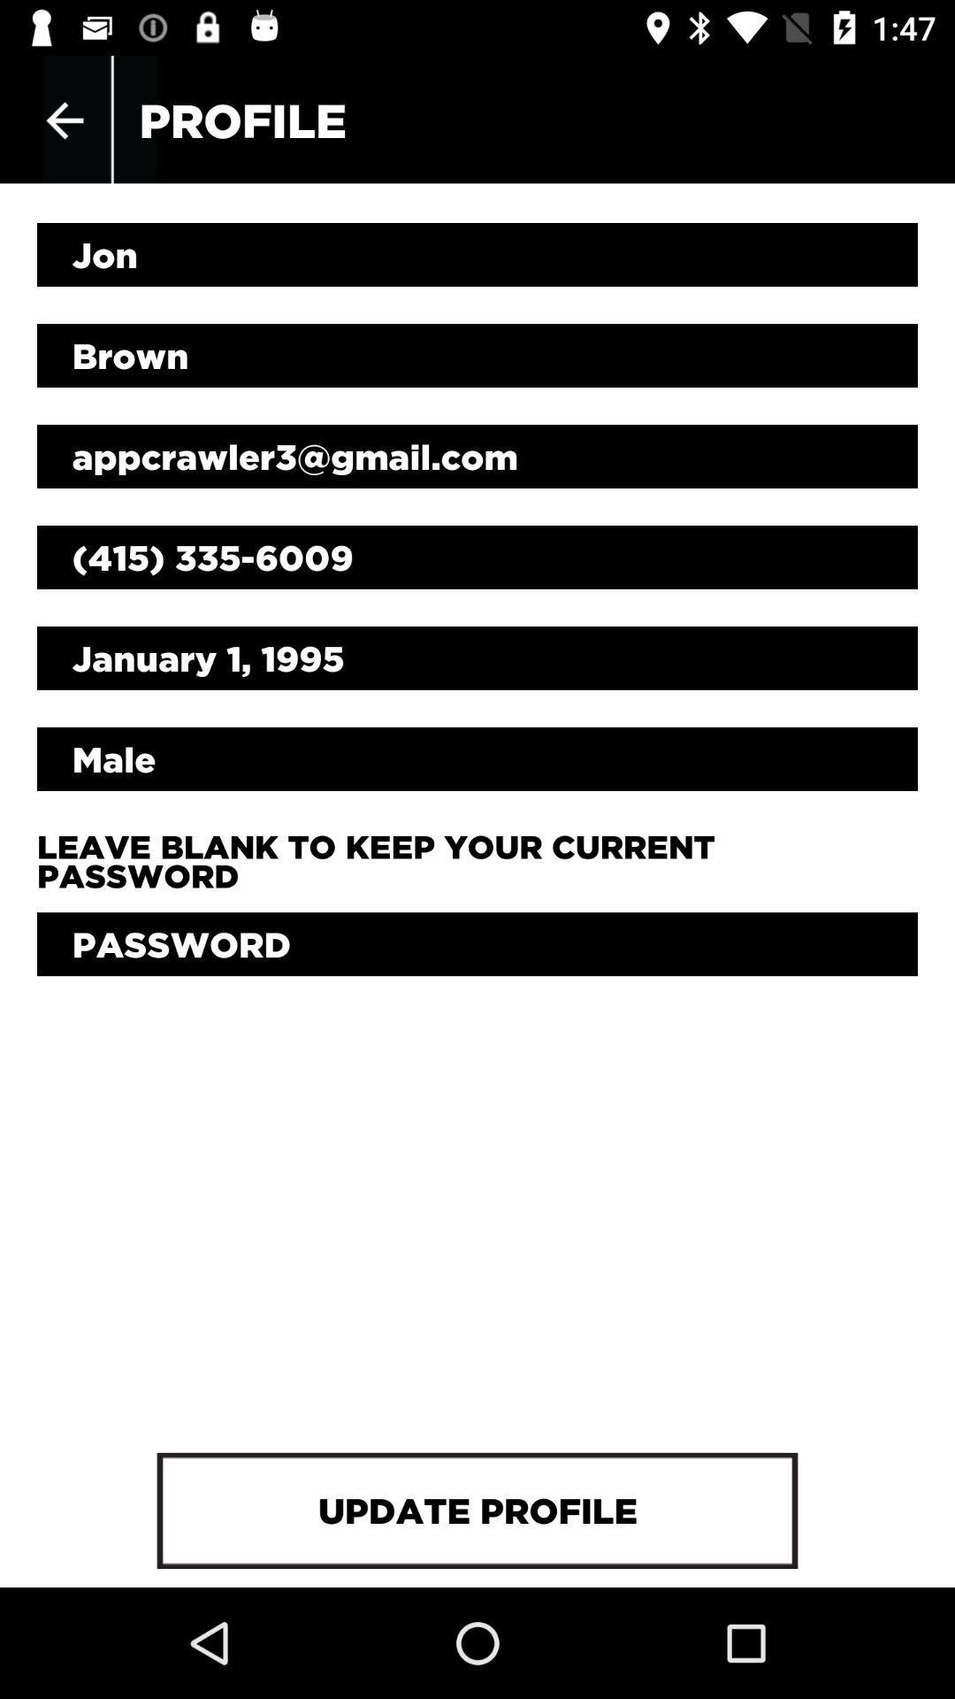  I want to click on icon above the leave blank to item, so click(477, 759).